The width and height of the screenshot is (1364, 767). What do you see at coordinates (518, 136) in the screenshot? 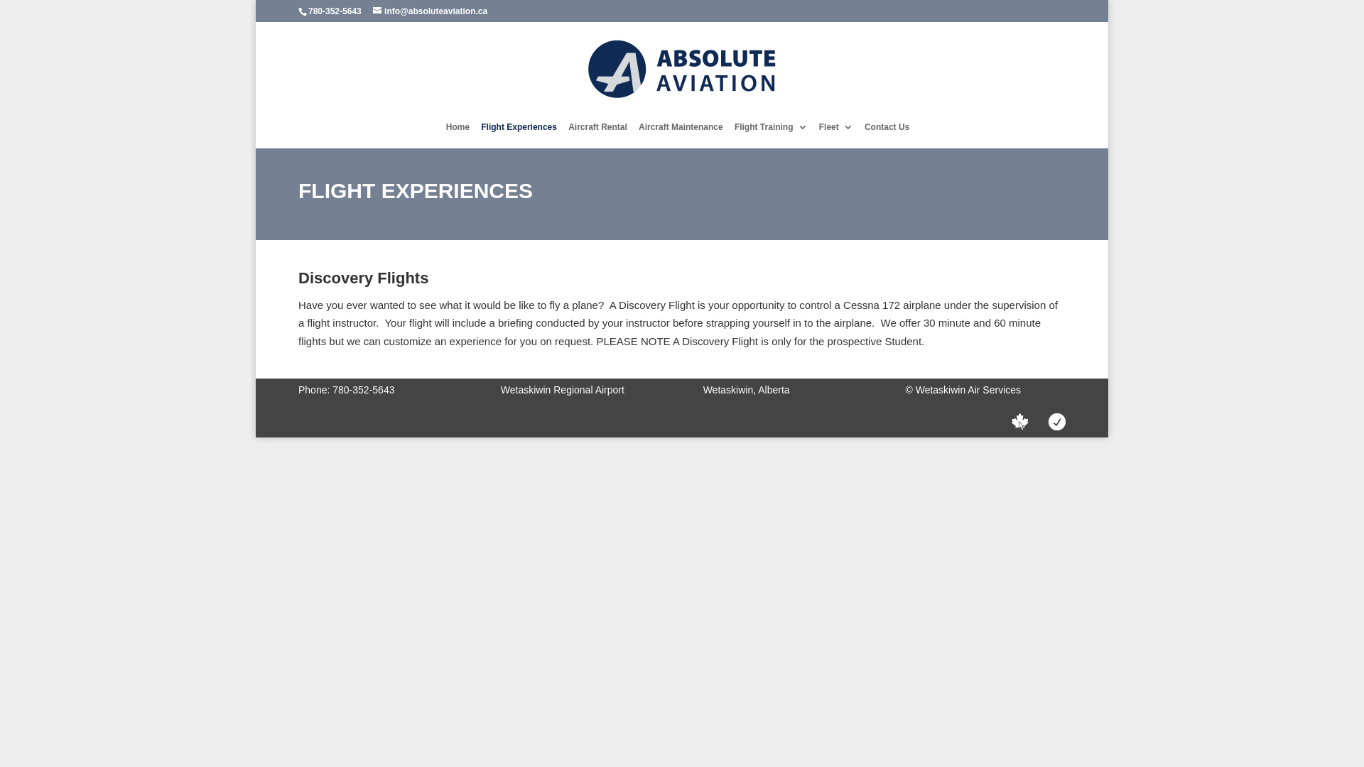
I see `'Flight Experiences'` at bounding box center [518, 136].